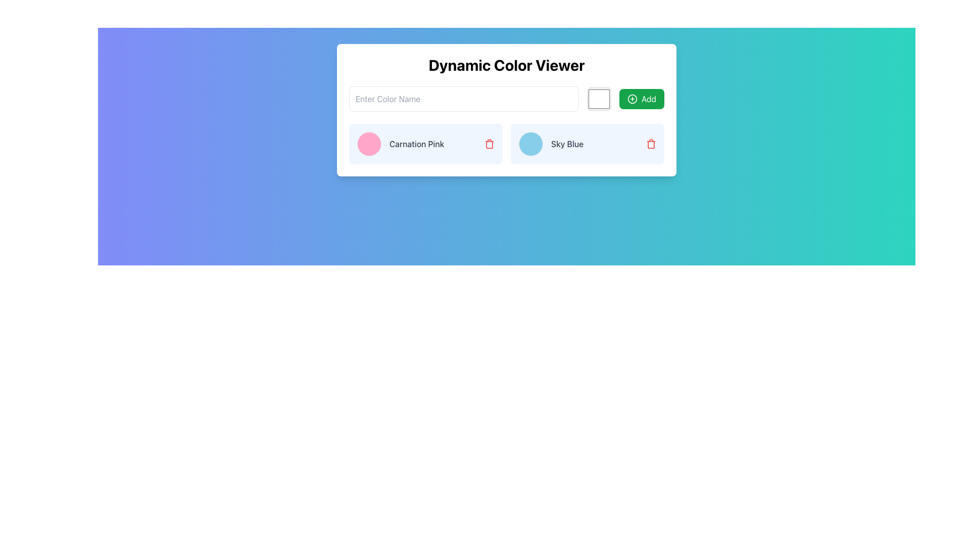  Describe the element at coordinates (632, 99) in the screenshot. I see `the circular outline that is part of the interactive icon for adding or creating something, located to the right of the 'Enter Color Name' input box and adjacent to the green 'Add' button` at that location.